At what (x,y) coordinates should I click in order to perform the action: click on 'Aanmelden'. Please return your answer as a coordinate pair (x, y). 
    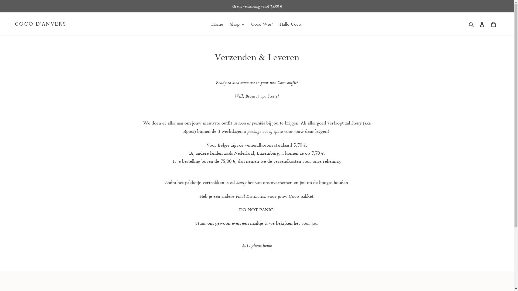
    Looking at the image, I should click on (482, 23).